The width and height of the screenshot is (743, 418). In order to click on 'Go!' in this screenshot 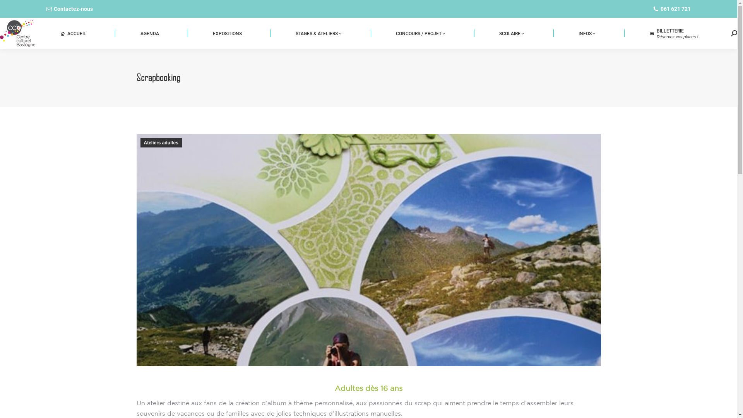, I will do `click(0, 9)`.